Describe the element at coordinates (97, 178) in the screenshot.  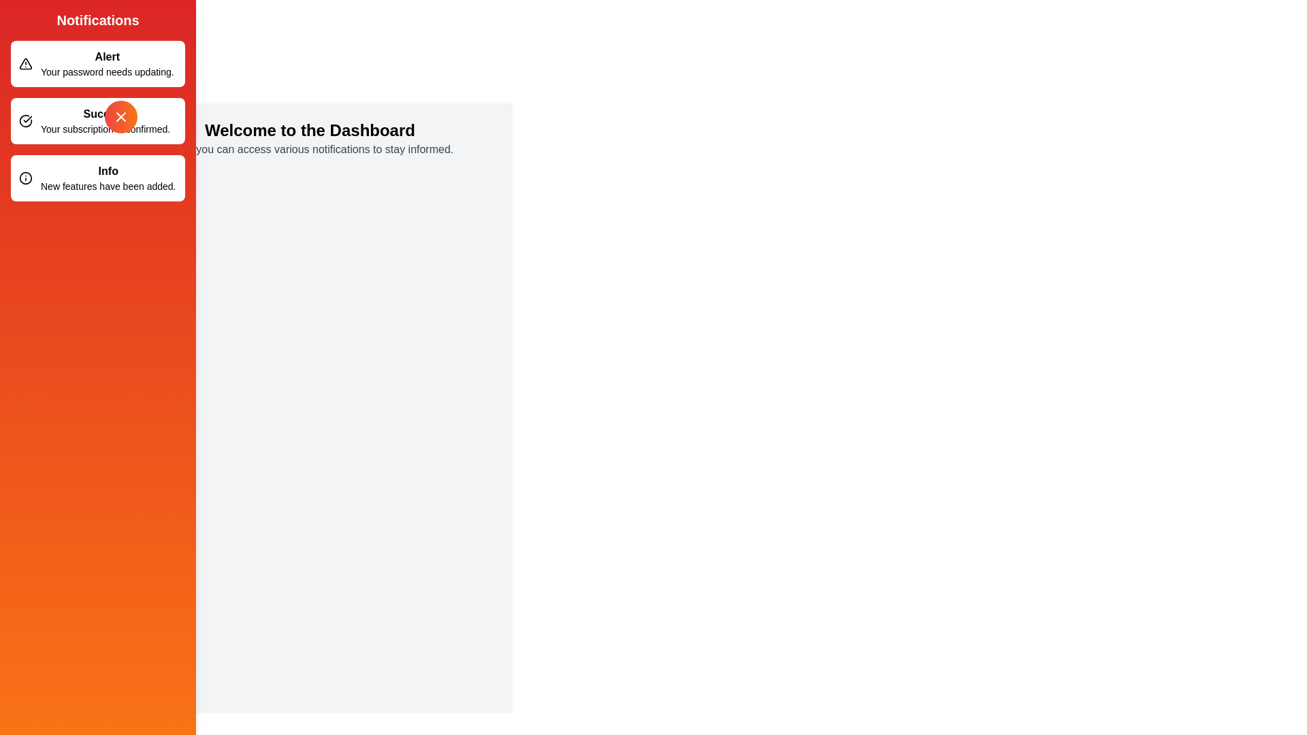
I see `the notification Info` at that location.